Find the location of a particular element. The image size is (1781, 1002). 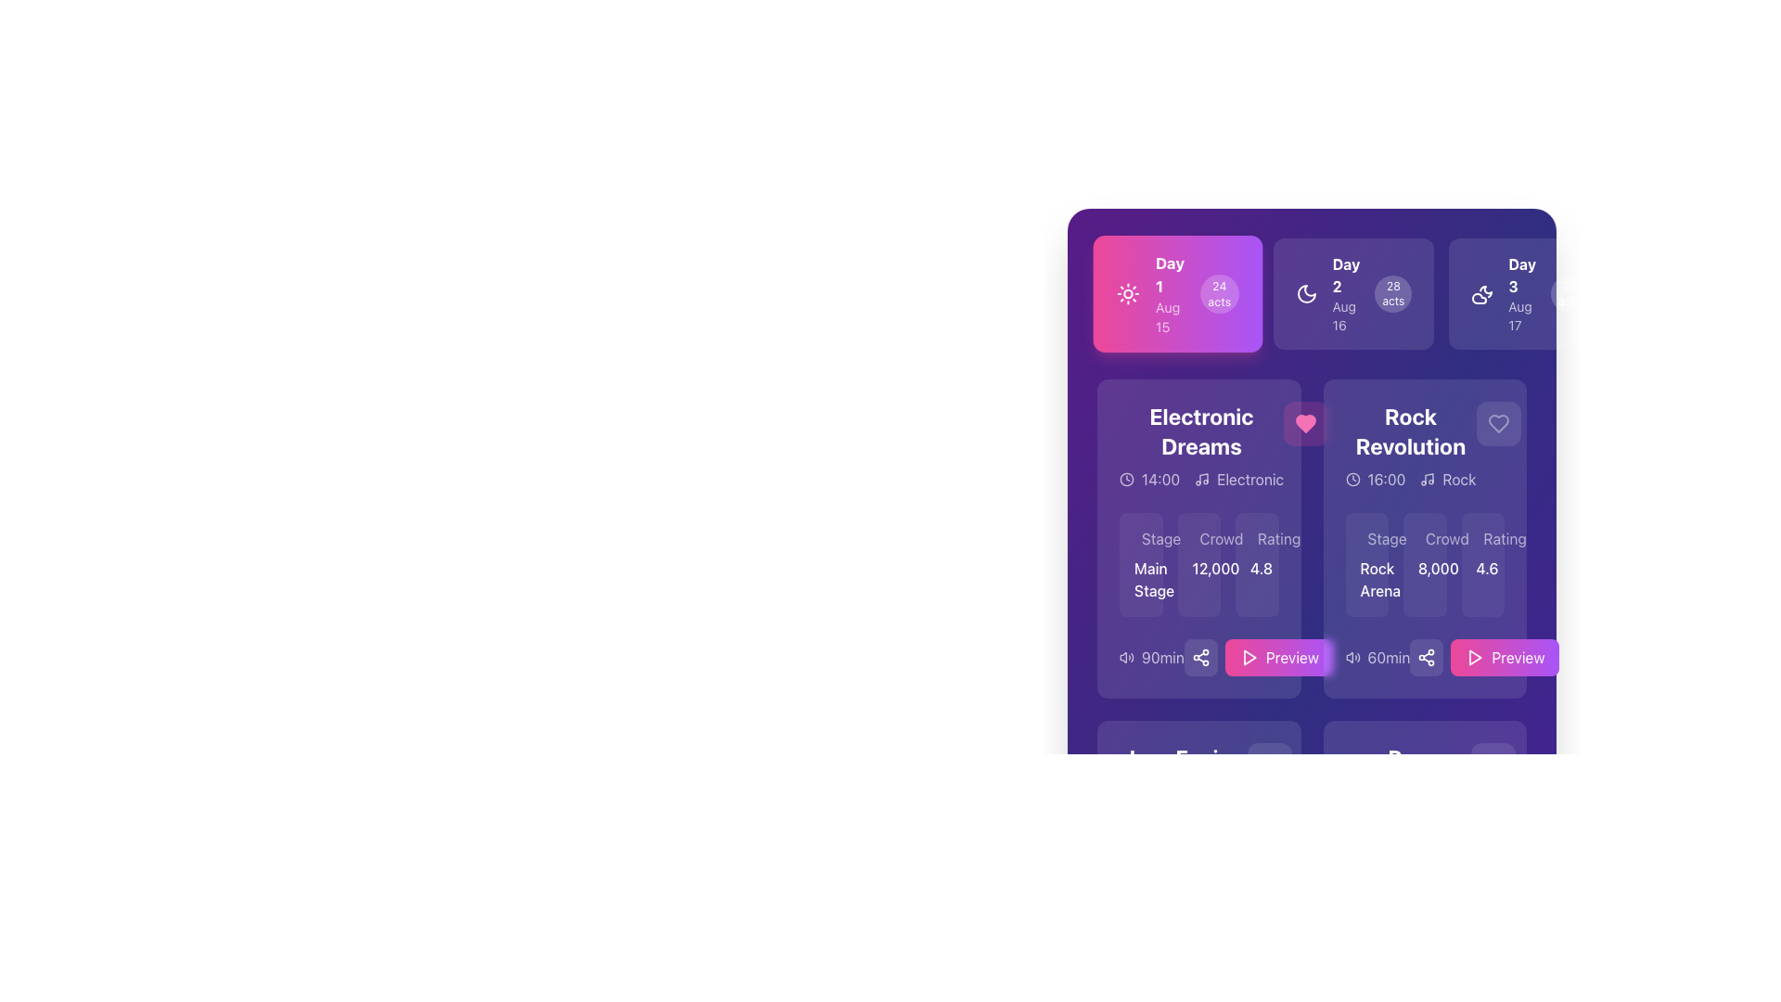

the label displaying 'Aug 17' located below 'Day 3' in the top-right area of the interface is located at coordinates (1522, 315).